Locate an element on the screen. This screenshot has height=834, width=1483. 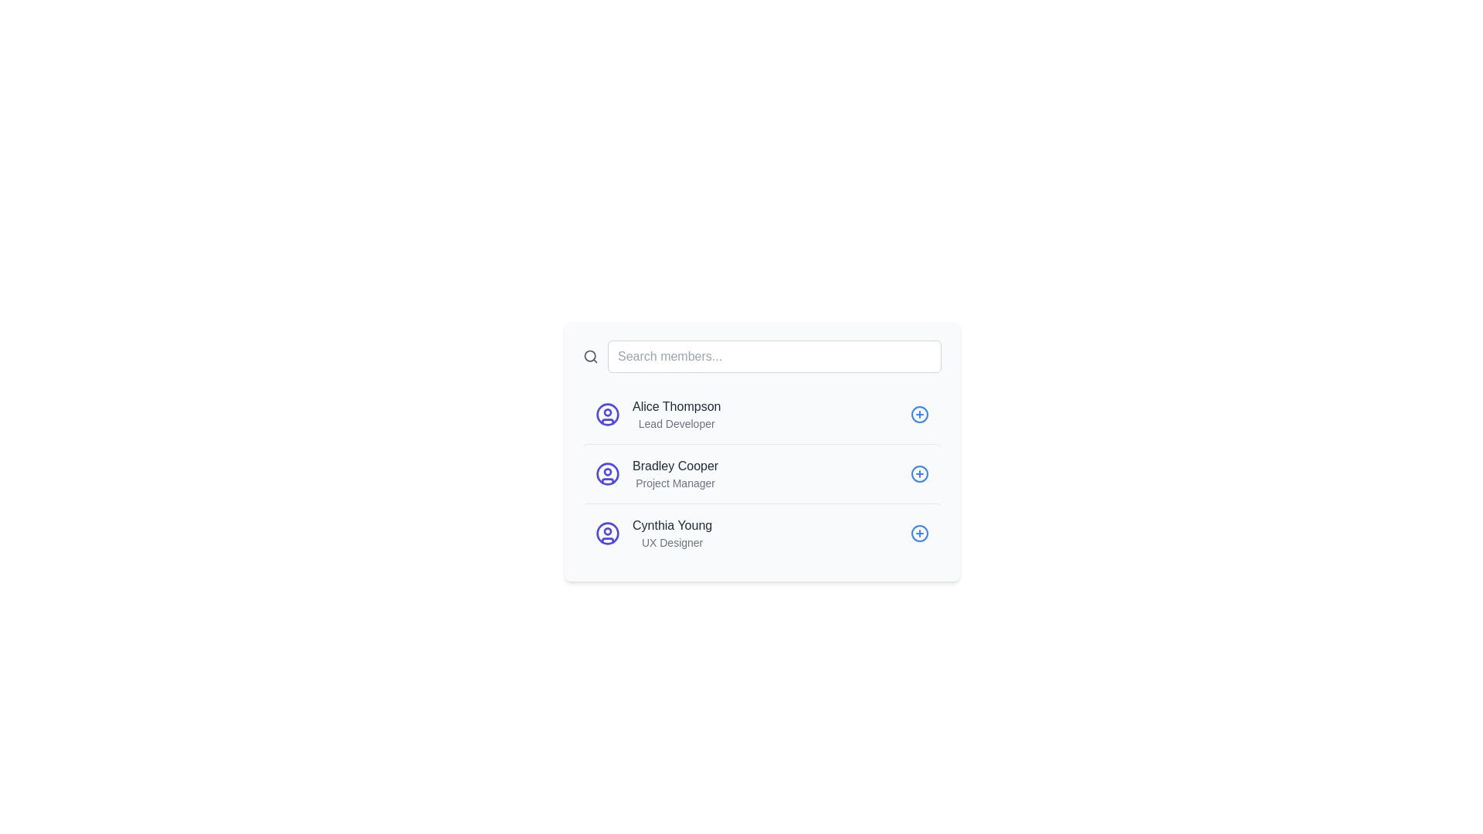
the circular user avatar icon with an indigo border and a white background, which features a simplistic representation of a head and shoulders, located to the left of the name 'Cynthia Young' in the third row of the user profiles list is located at coordinates (607, 532).